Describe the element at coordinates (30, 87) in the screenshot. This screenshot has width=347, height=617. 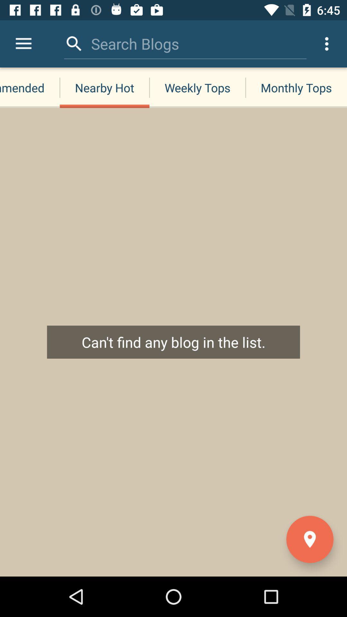
I see `icon next to the nearby hot icon` at that location.